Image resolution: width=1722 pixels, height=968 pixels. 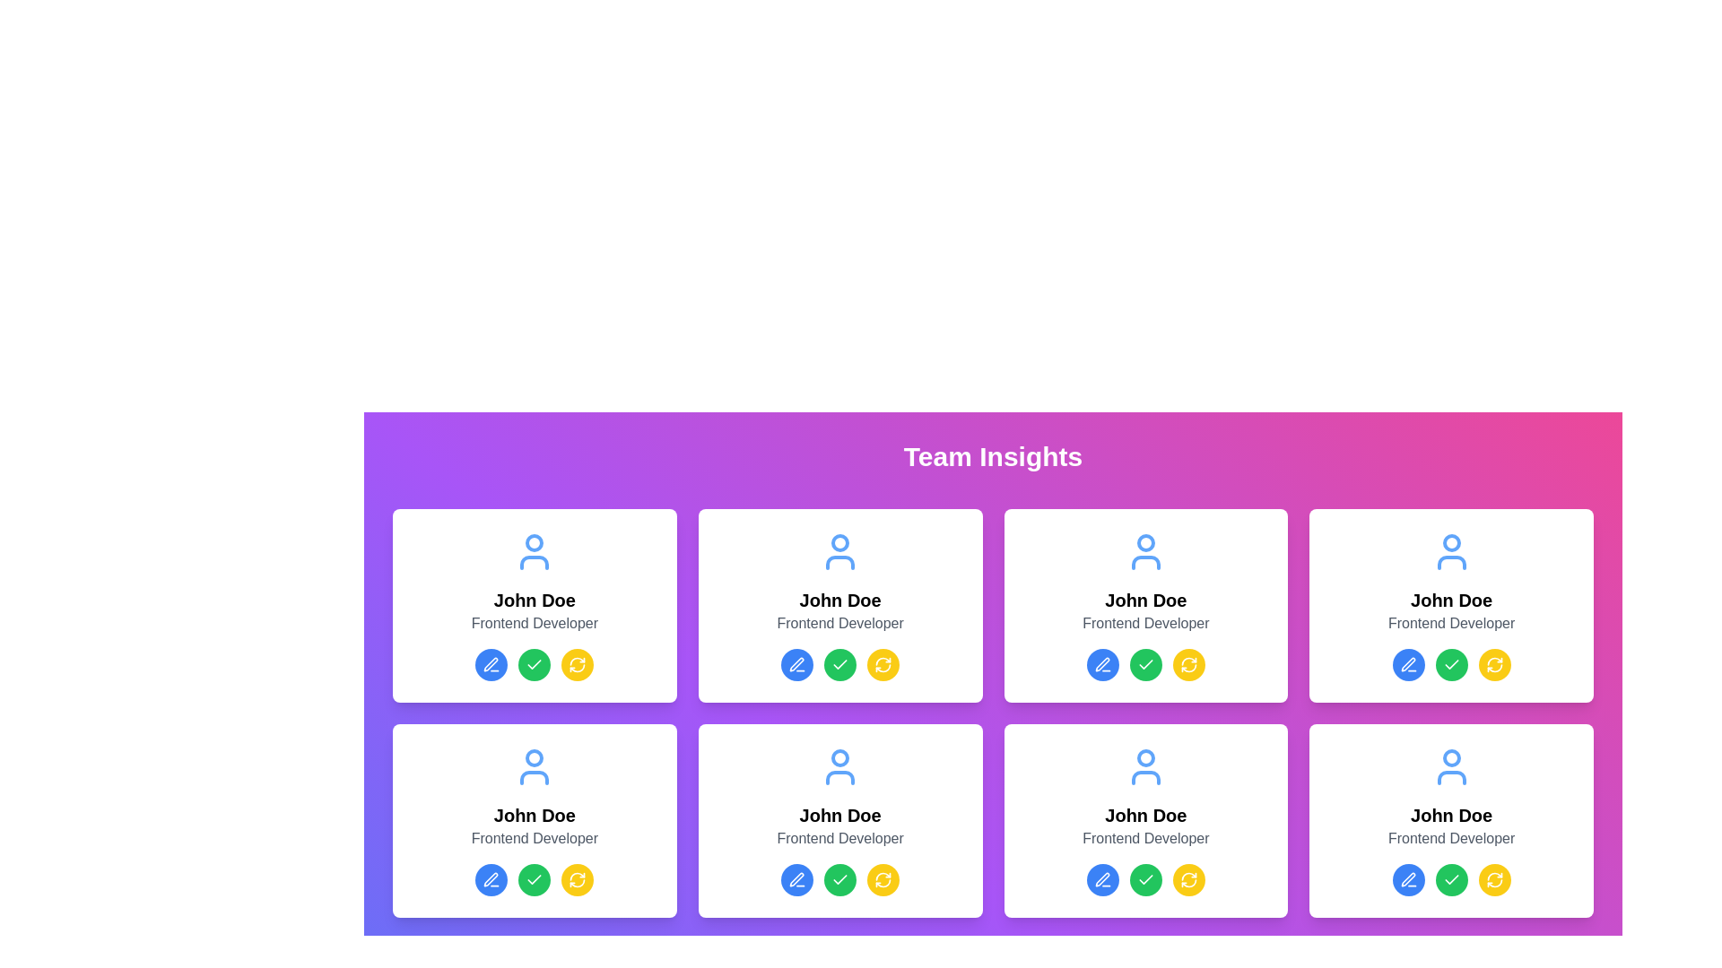 I want to click on the user profile icon, specifically the arc defining the shoulders below the head, located in the top center of the card in the first row and first column of the grid layout, so click(x=534, y=562).